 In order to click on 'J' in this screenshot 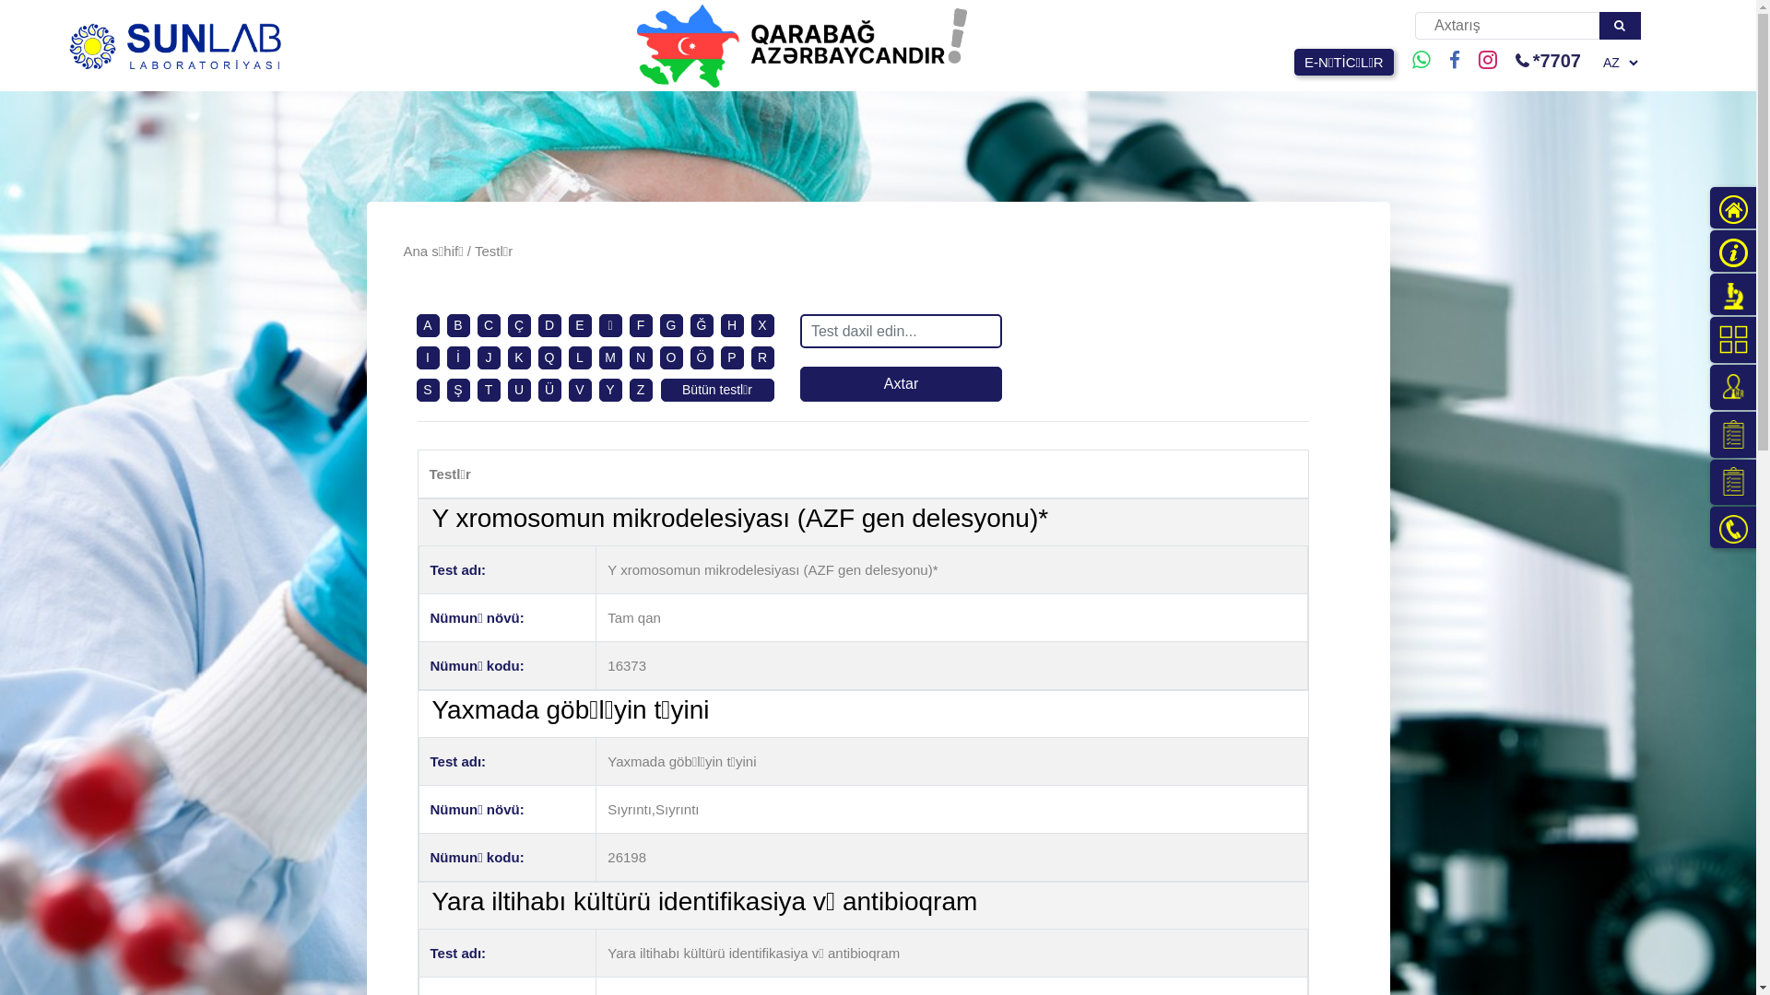, I will do `click(488, 357)`.